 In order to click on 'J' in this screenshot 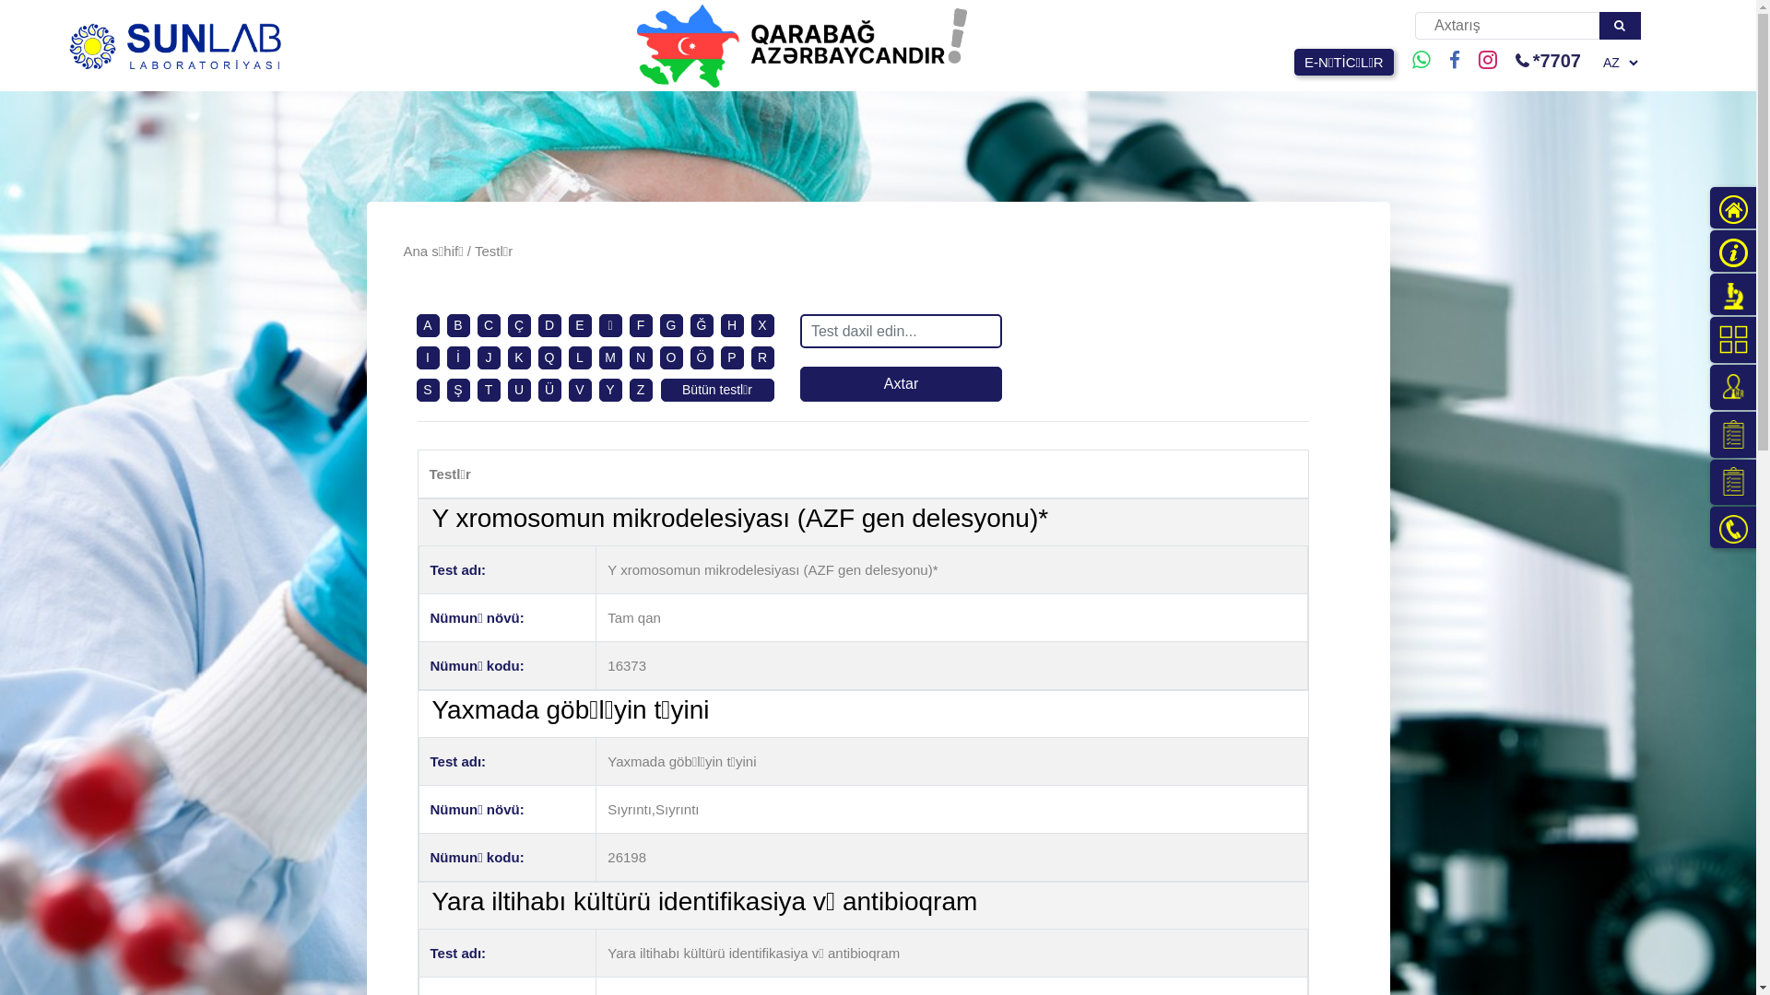, I will do `click(488, 357)`.